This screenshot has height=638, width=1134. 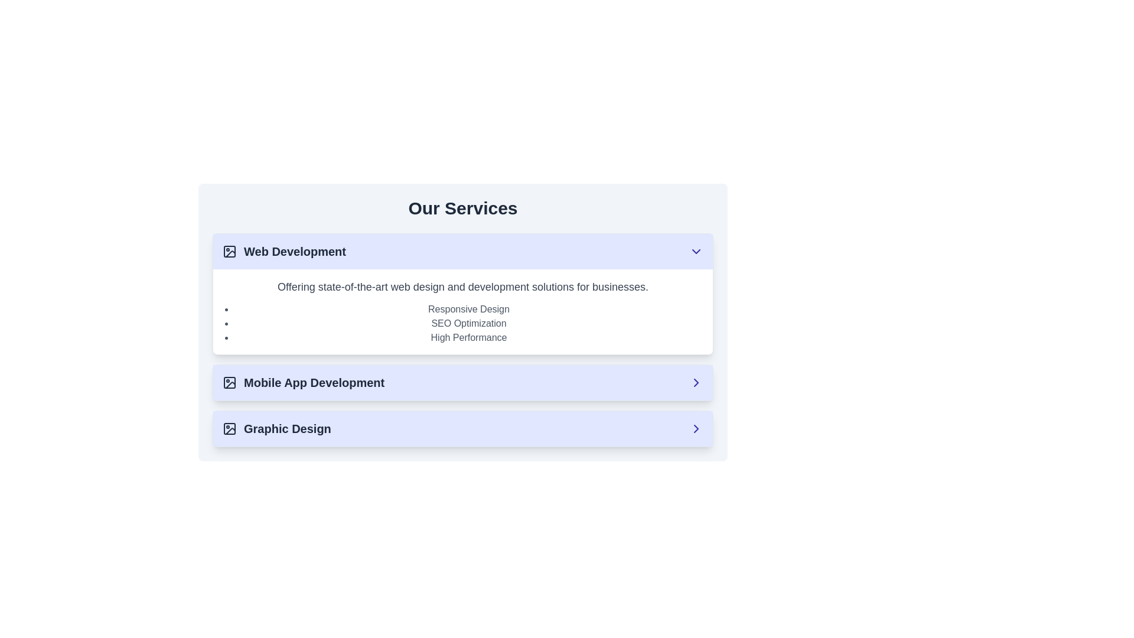 What do you see at coordinates (229, 250) in the screenshot?
I see `the 'Web Development' icon located at the far-left side of the 'Web Development' section heading in the 'Our Services' content block` at bounding box center [229, 250].